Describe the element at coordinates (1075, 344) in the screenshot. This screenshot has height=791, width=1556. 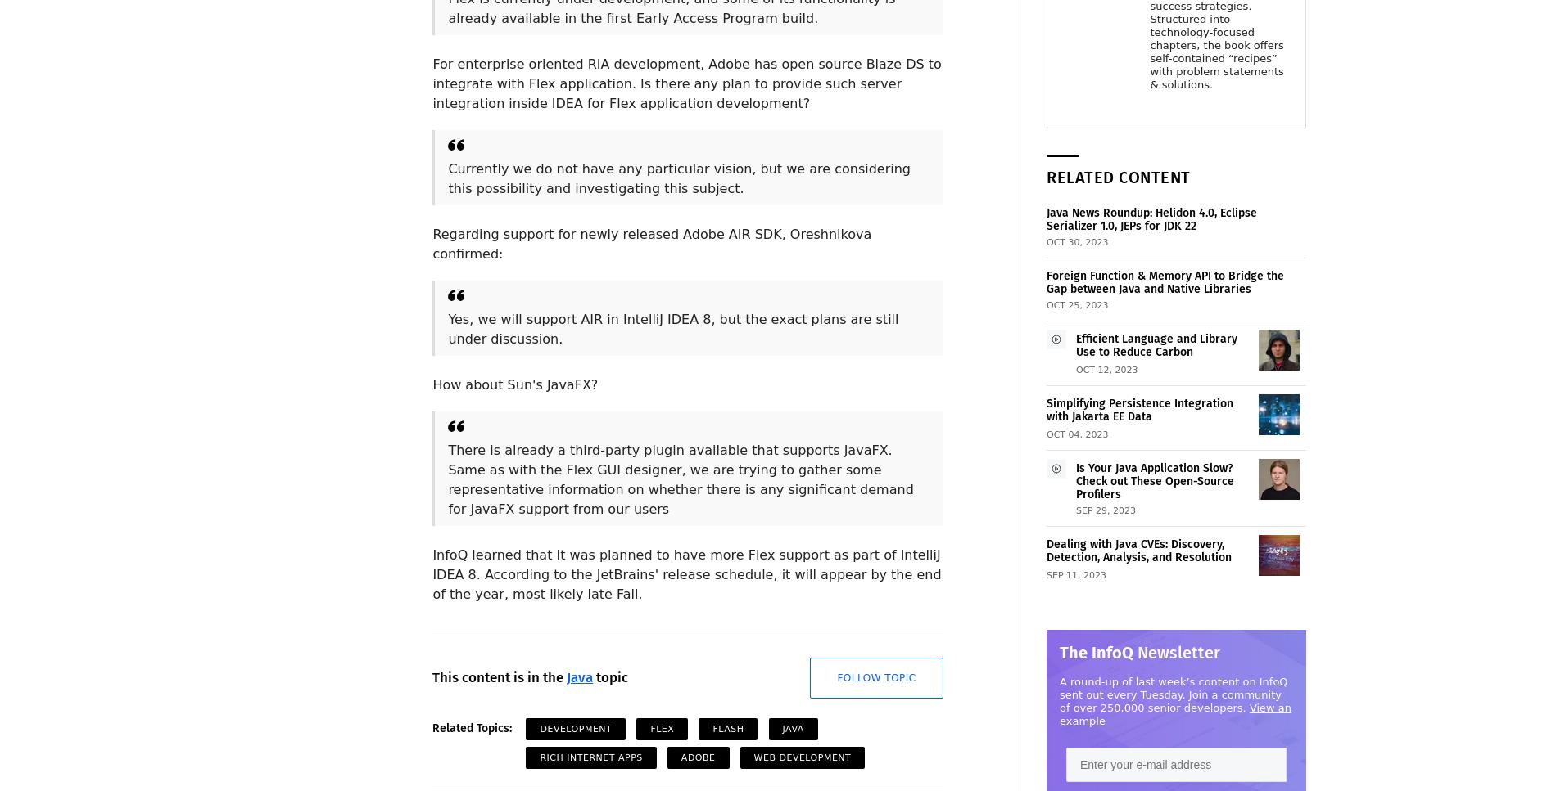
I see `'Efficient Language and Library Use to Reduce Carbon'` at that location.